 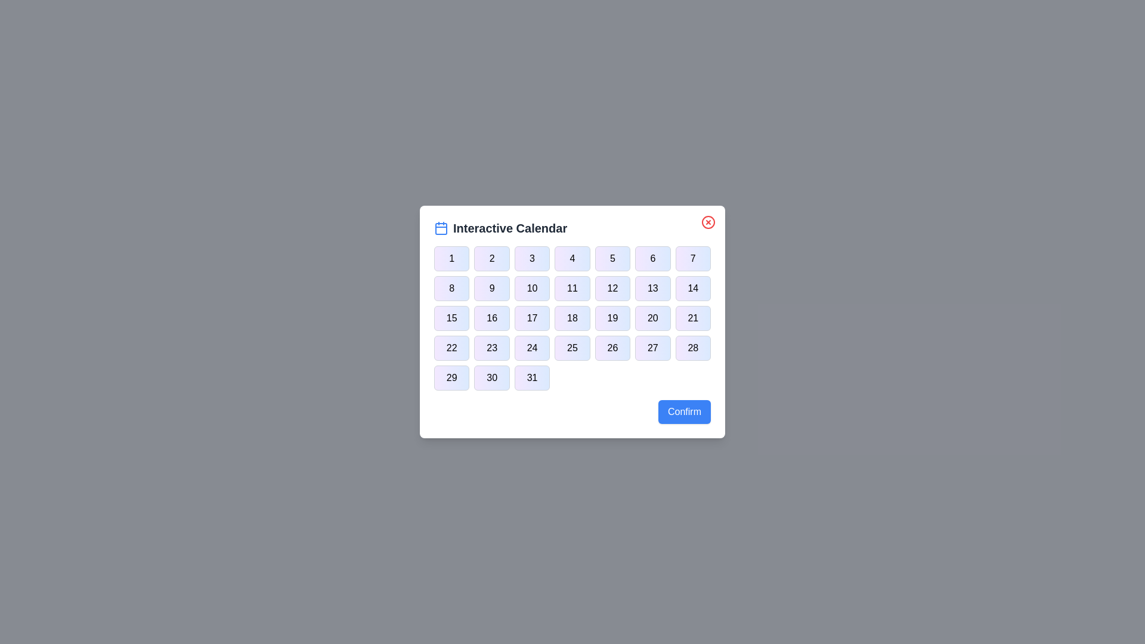 What do you see at coordinates (492, 348) in the screenshot?
I see `the button corresponding to day 23 in the calendar` at bounding box center [492, 348].